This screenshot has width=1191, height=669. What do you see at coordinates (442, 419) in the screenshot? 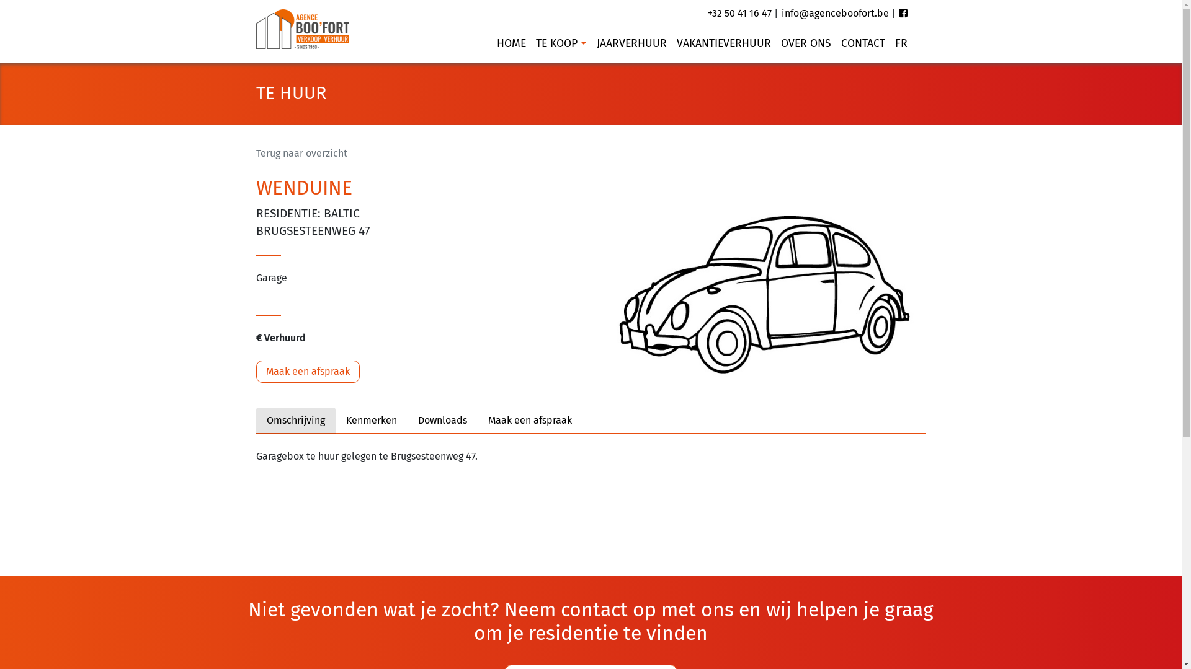
I see `'Downloads'` at bounding box center [442, 419].